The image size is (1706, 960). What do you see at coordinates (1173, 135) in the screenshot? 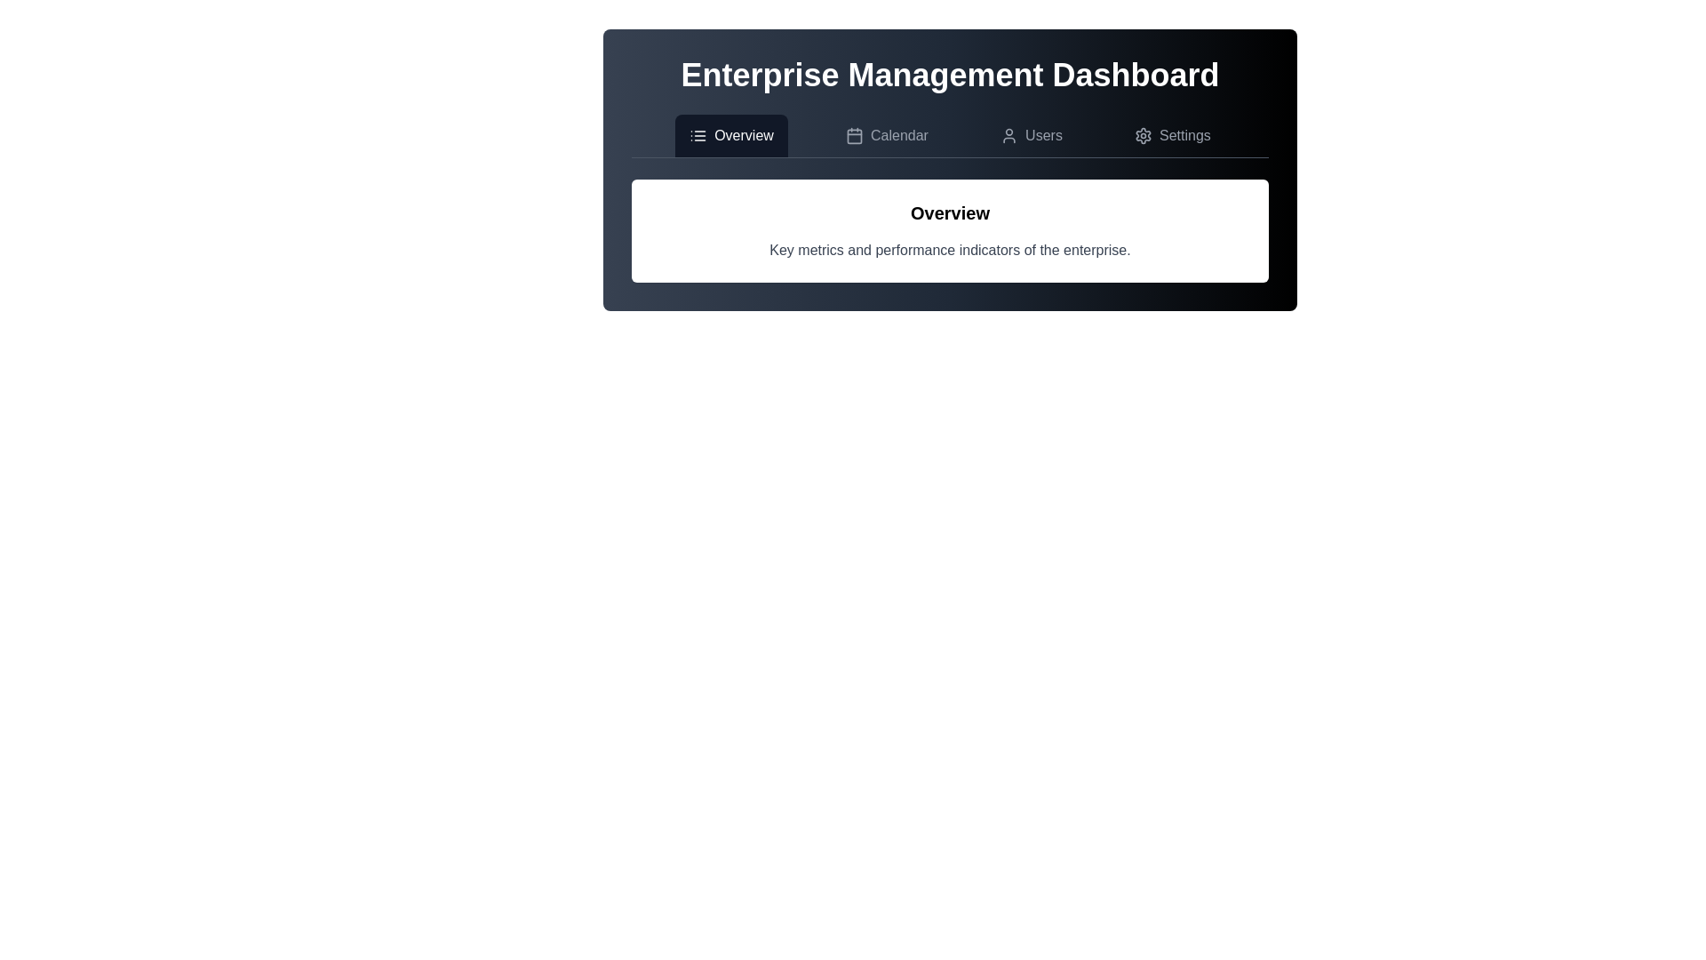
I see `the 'Settings' button, which is the fourth item in the horizontal menu bar at the top of the page, to change its appearance` at bounding box center [1173, 135].